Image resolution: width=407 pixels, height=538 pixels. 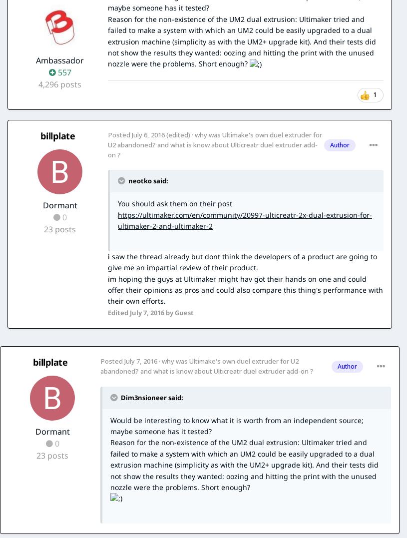 What do you see at coordinates (375, 93) in the screenshot?
I see `'1'` at bounding box center [375, 93].